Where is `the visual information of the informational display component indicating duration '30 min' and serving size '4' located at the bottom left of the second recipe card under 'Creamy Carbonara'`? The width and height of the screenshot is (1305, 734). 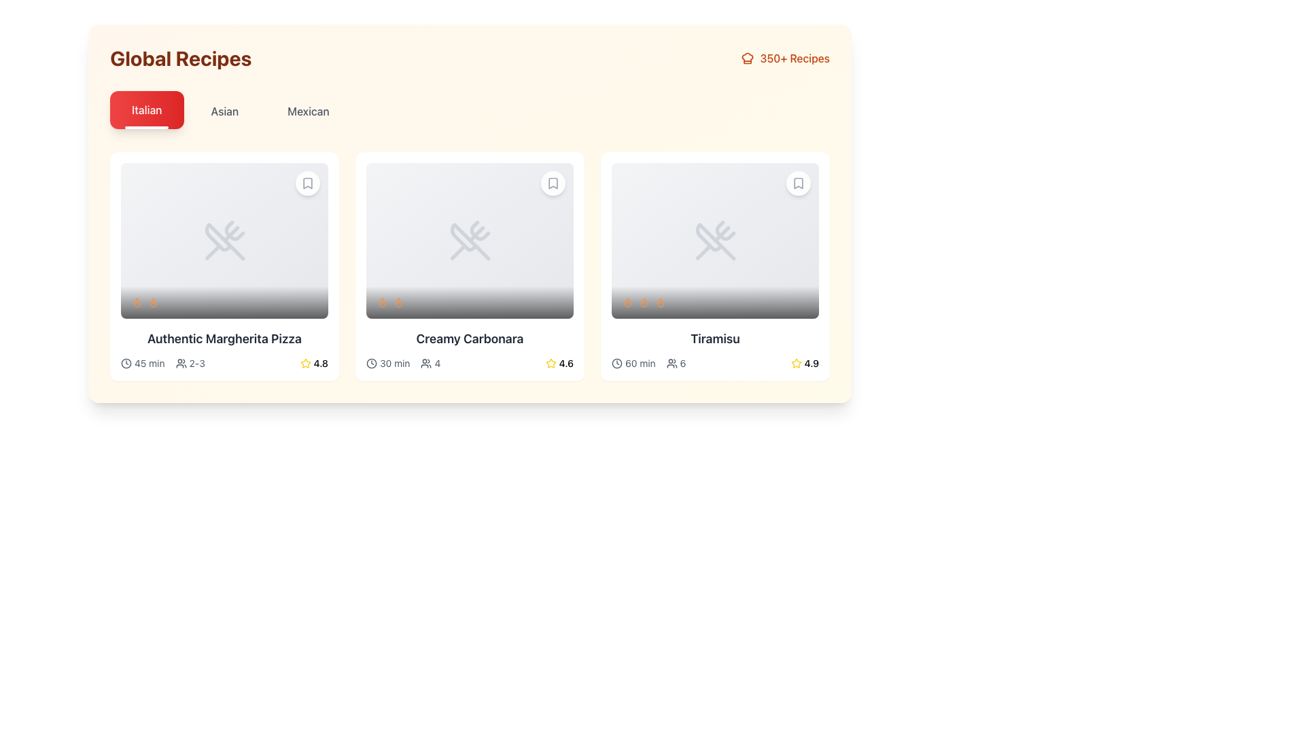
the visual information of the informational display component indicating duration '30 min' and serving size '4' located at the bottom left of the second recipe card under 'Creamy Carbonara' is located at coordinates (402, 362).